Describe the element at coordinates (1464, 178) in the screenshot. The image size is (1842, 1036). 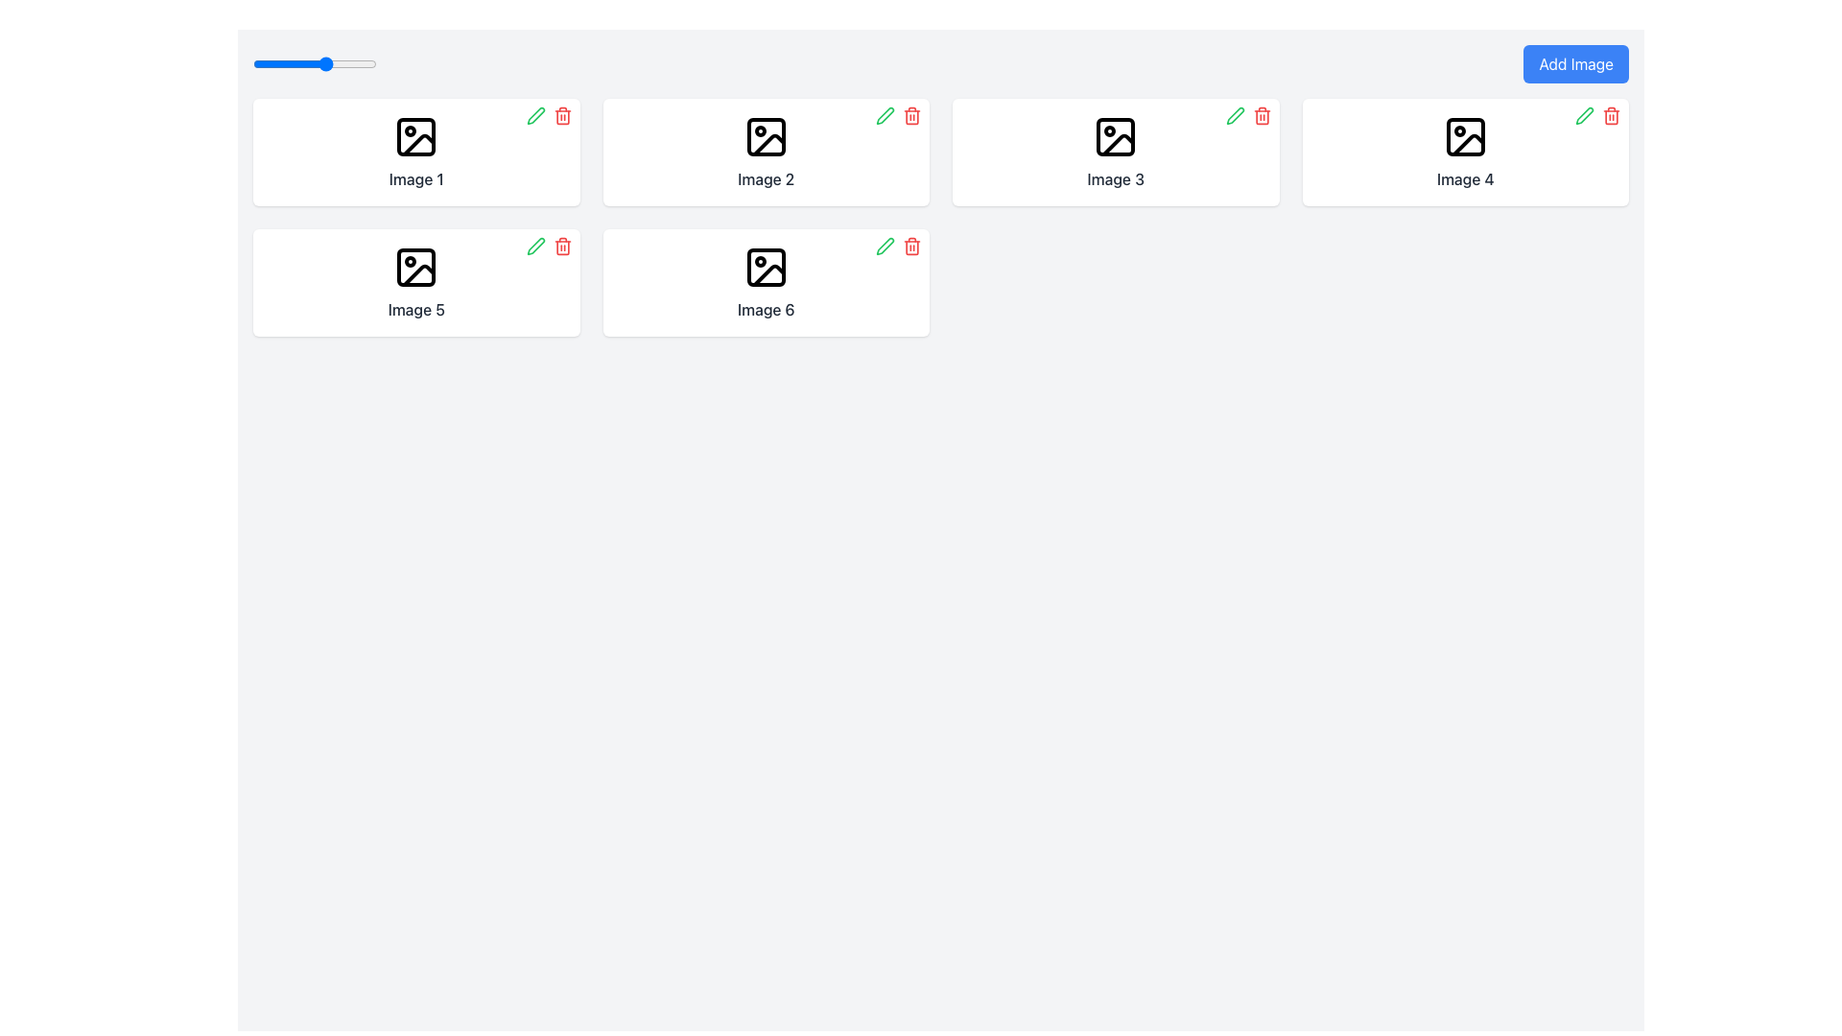
I see `static text element labeled 'Image 4', which is displayed in gray font below an image-like icon on the far-right side of the third row in a 3x2 grid layout` at that location.